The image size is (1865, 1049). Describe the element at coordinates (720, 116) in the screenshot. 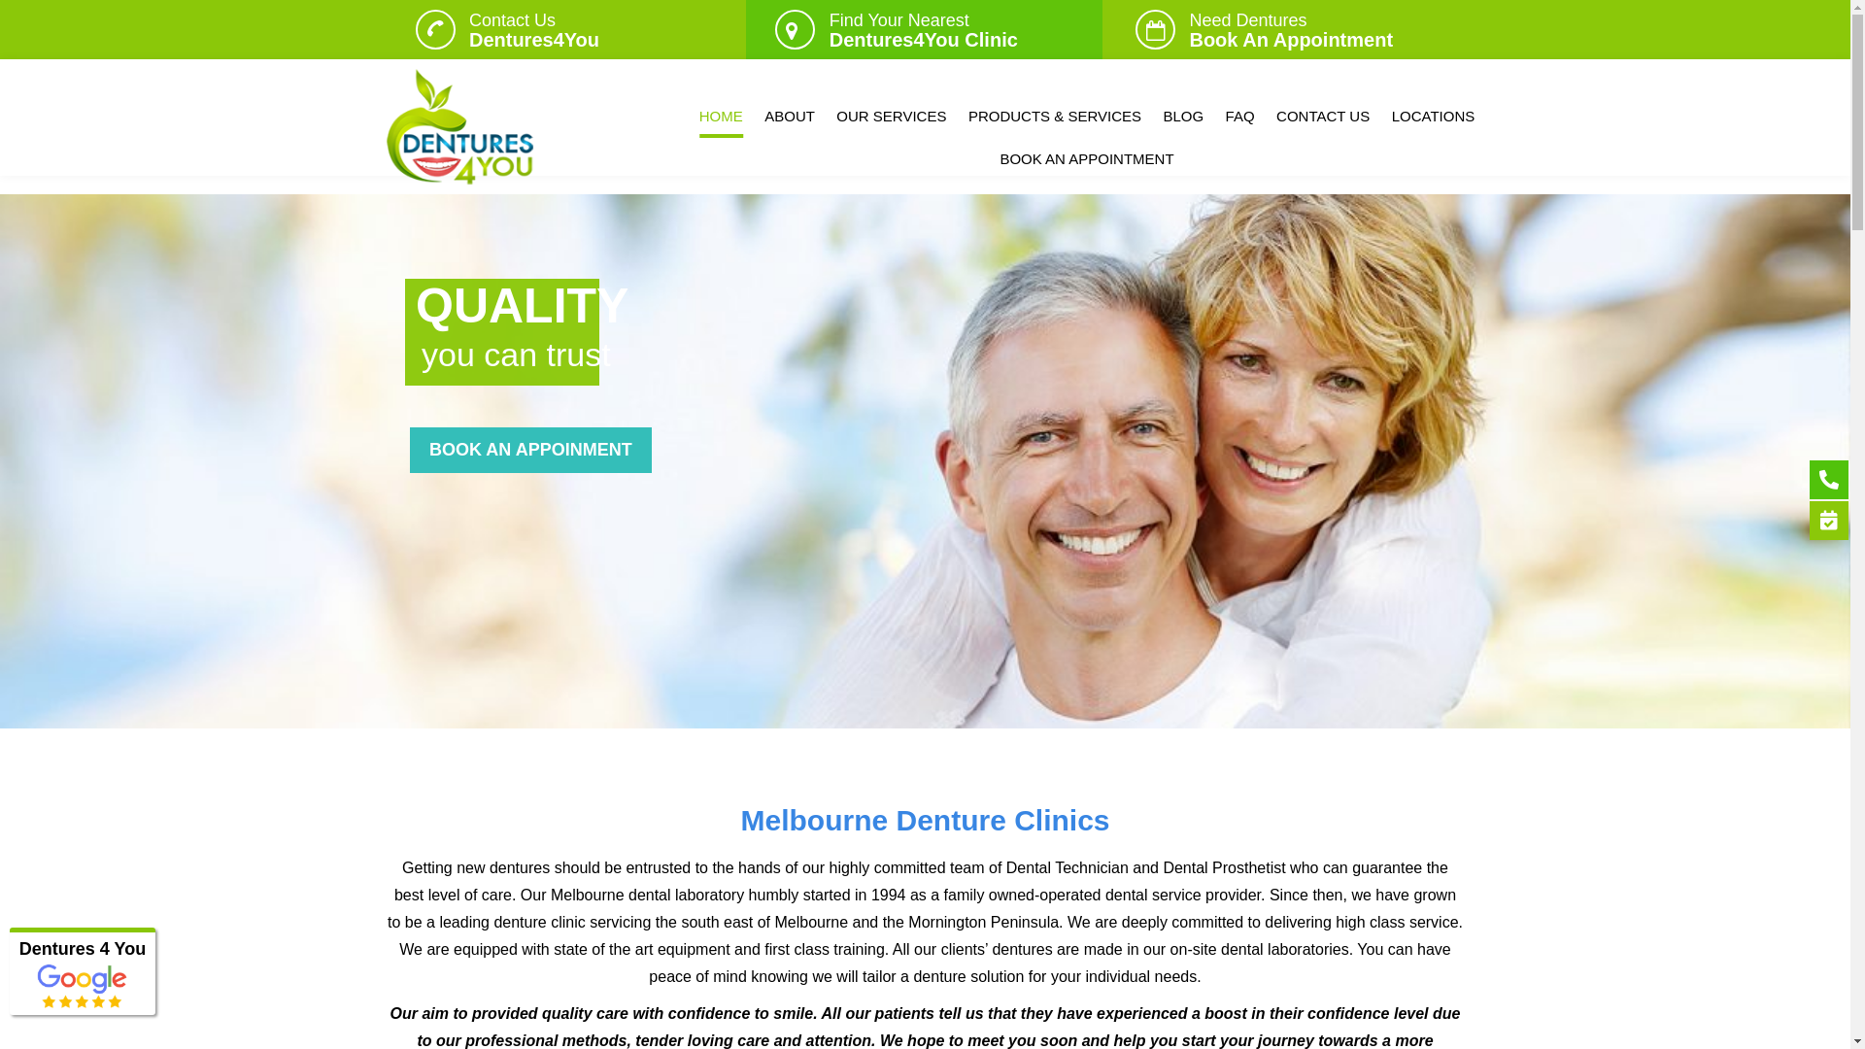

I see `'HOME'` at that location.